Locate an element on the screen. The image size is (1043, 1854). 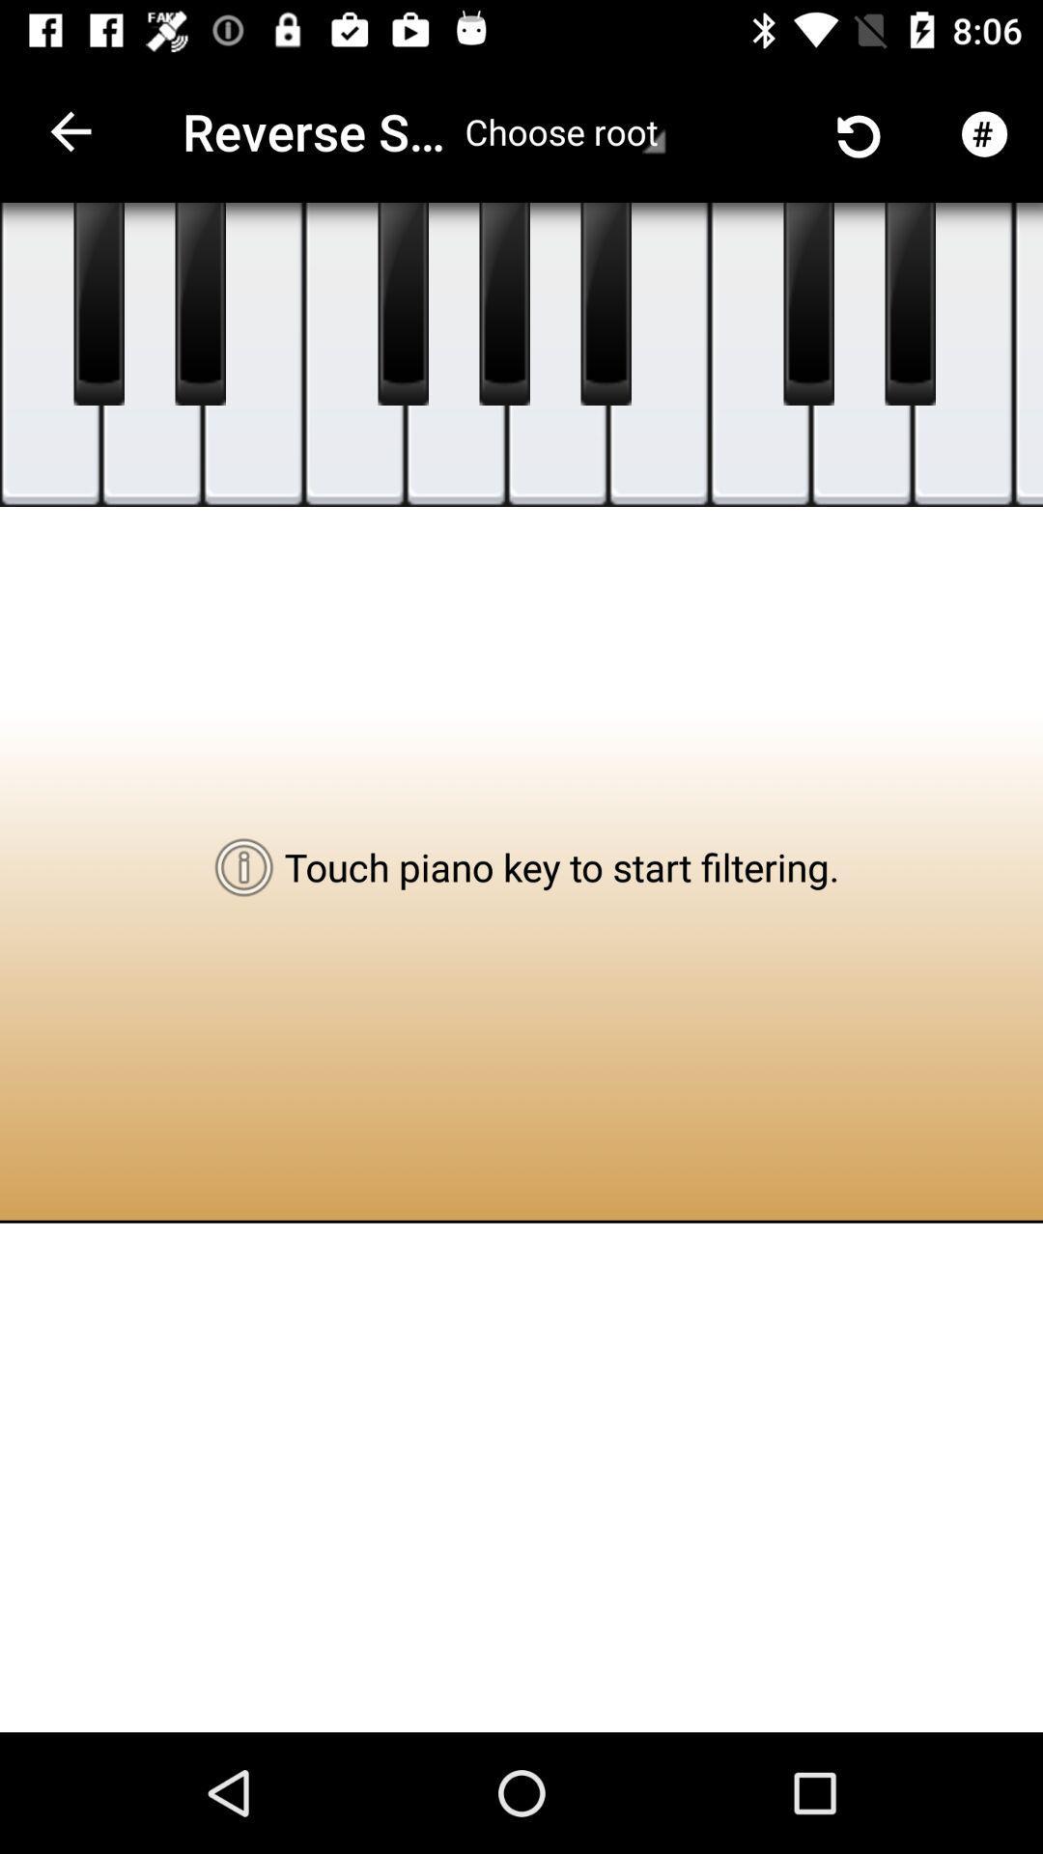
open piano key information is located at coordinates (860, 354).